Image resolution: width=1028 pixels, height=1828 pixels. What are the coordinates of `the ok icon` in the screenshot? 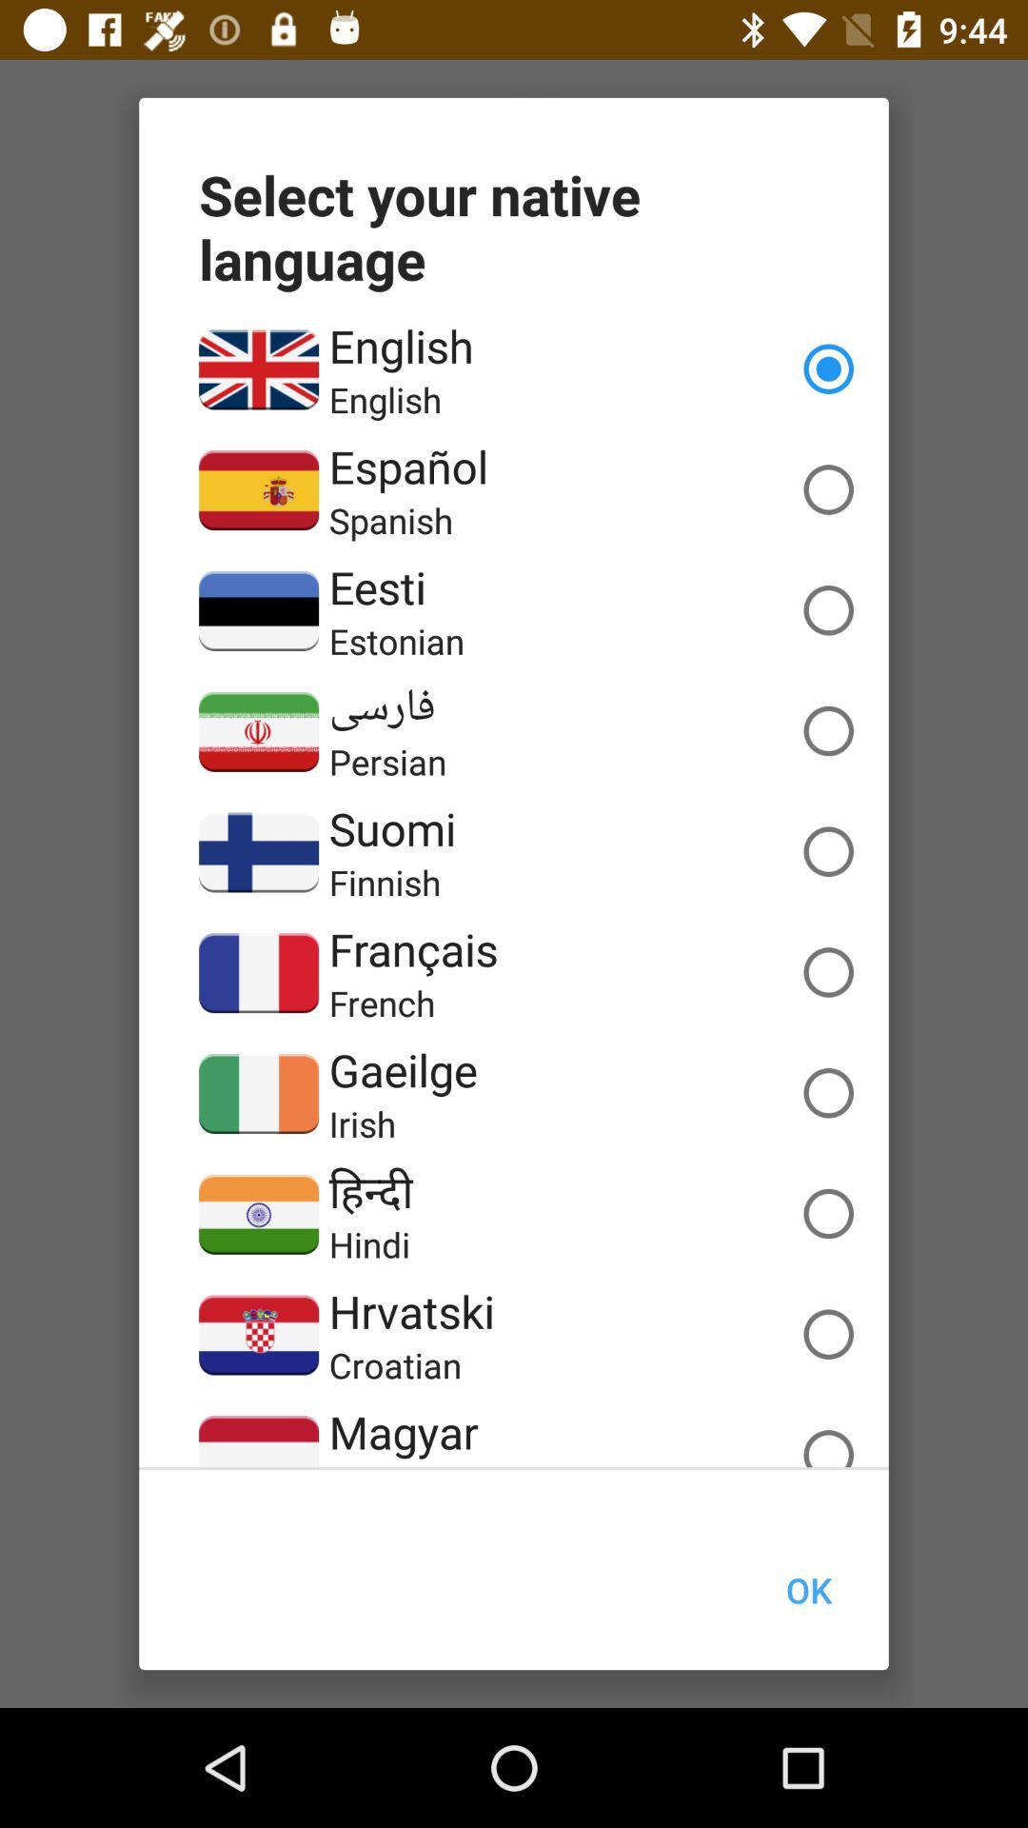 It's located at (808, 1590).